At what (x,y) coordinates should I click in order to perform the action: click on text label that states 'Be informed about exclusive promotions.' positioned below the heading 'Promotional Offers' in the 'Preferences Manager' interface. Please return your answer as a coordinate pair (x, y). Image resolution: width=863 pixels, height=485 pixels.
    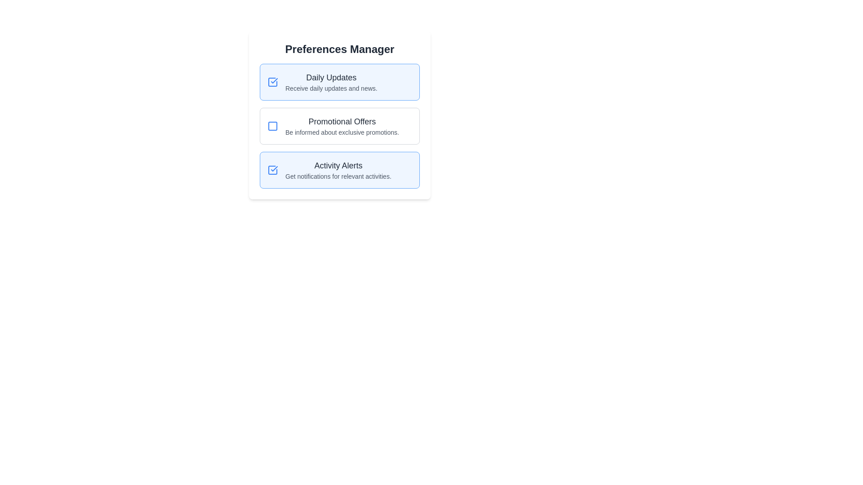
    Looking at the image, I should click on (342, 132).